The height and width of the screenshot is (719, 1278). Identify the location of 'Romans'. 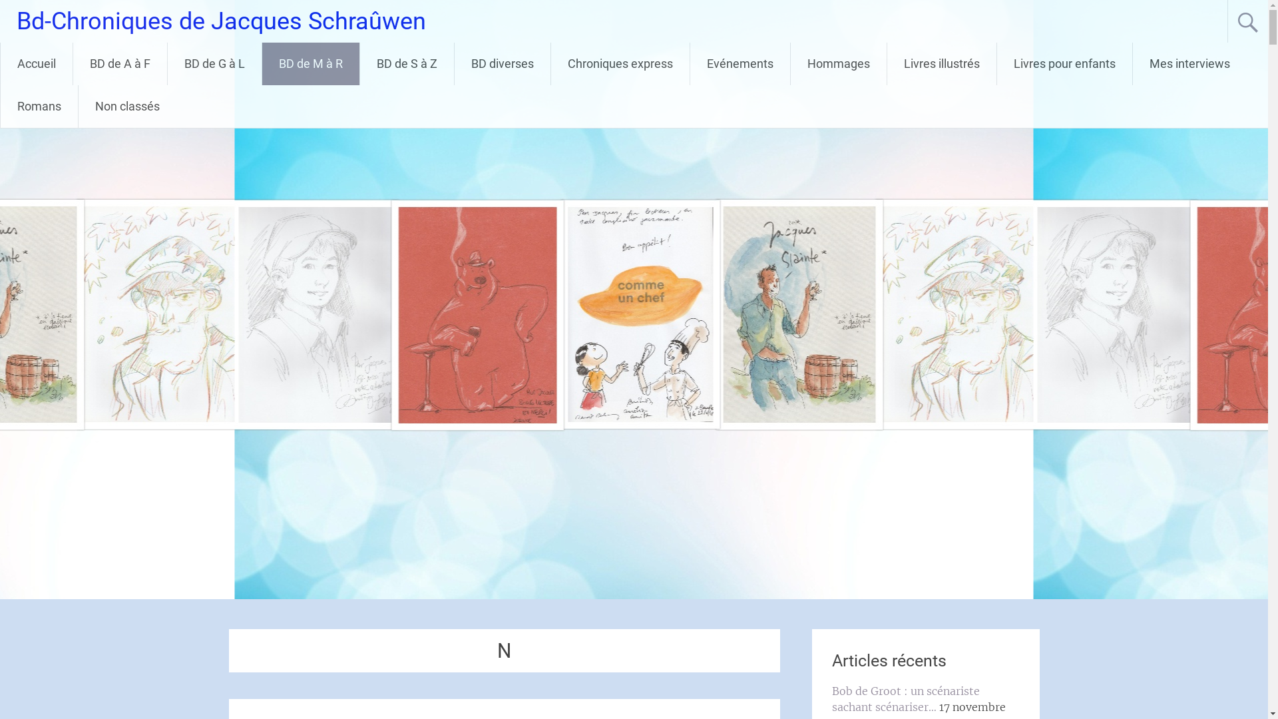
(39, 105).